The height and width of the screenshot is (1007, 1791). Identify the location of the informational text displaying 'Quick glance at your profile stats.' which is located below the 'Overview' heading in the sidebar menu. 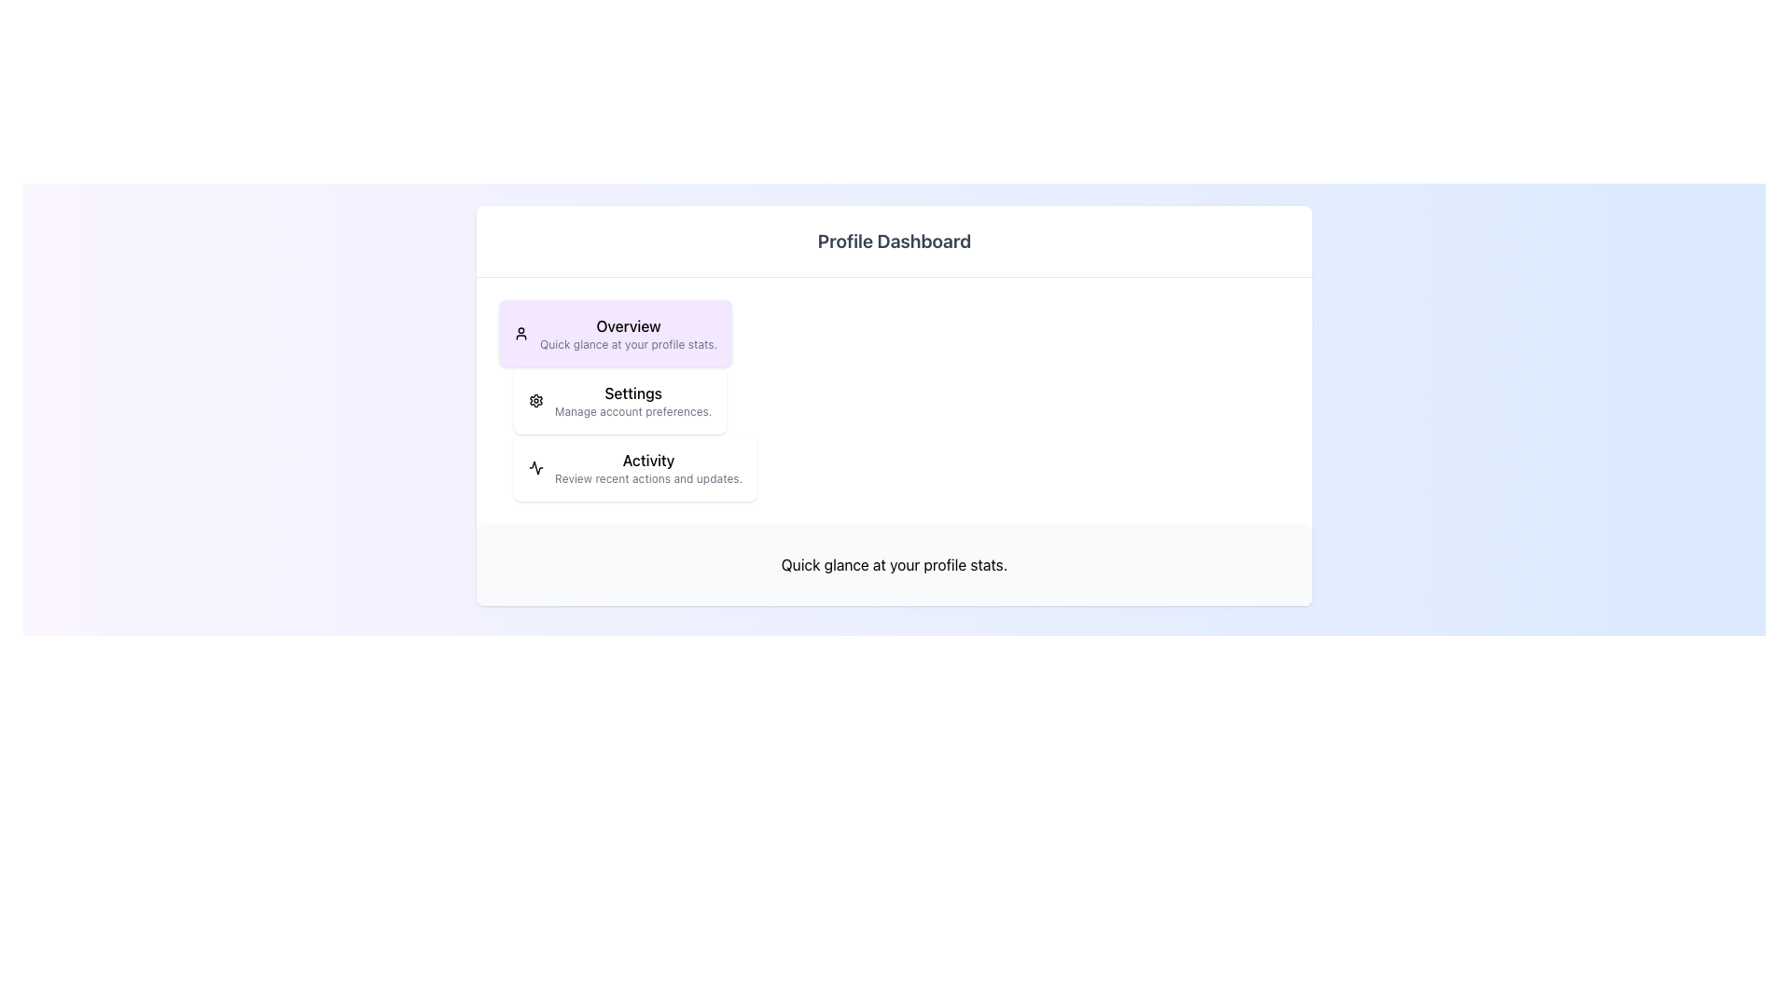
(629, 345).